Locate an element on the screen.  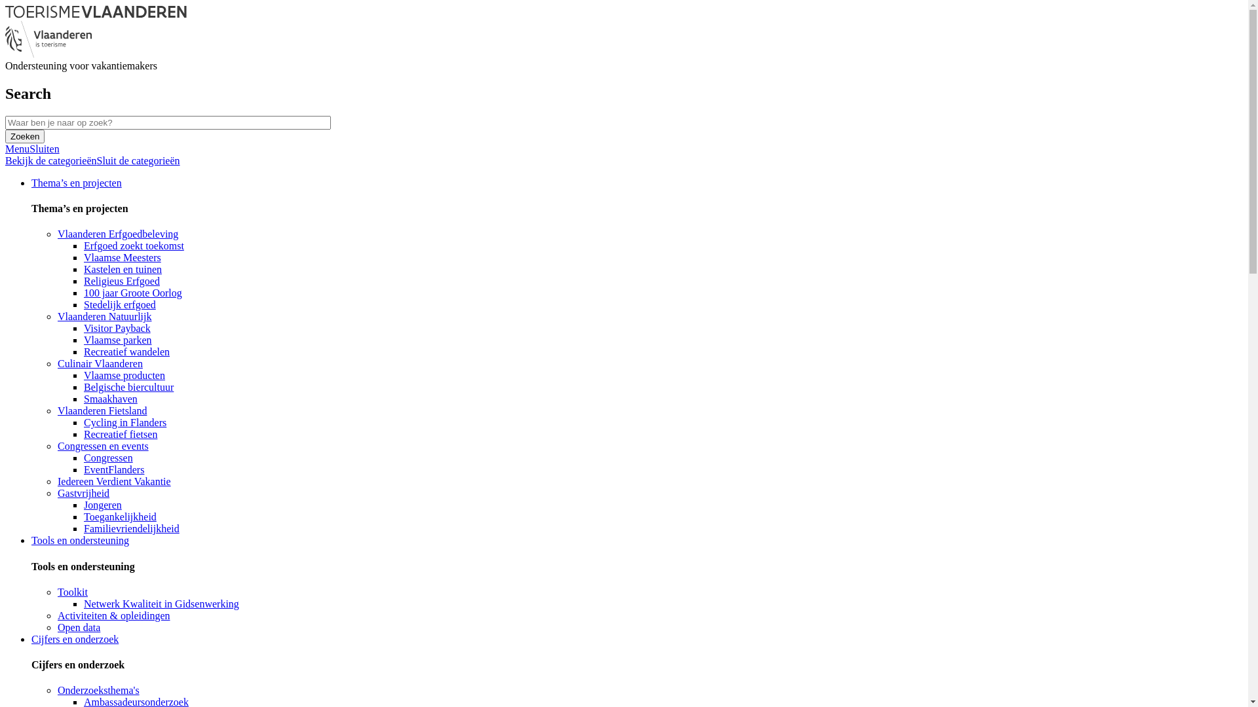
'EventFlanders' is located at coordinates (83, 469).